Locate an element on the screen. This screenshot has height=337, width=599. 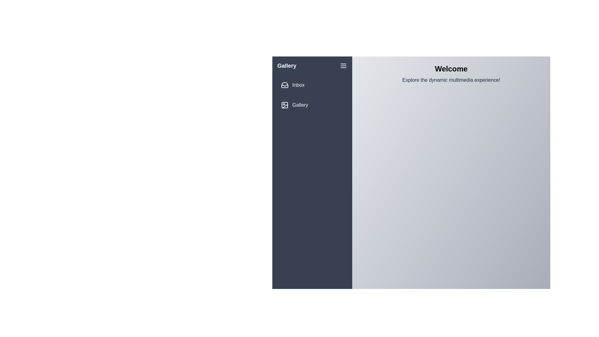
the 'Inbox' icon located in the left sidebar menu, positioned above the 'Gallery' icon is located at coordinates (284, 85).